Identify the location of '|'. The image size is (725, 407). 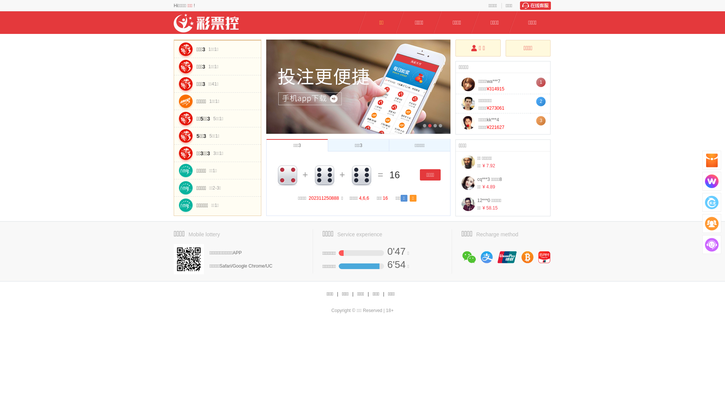
(352, 294).